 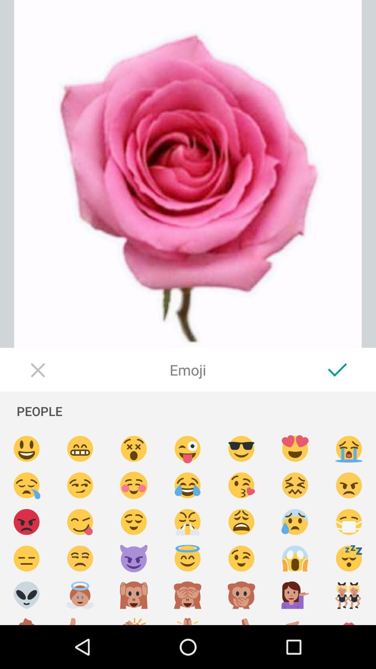 What do you see at coordinates (349, 559) in the screenshot?
I see `insert sleeping emoji` at bounding box center [349, 559].